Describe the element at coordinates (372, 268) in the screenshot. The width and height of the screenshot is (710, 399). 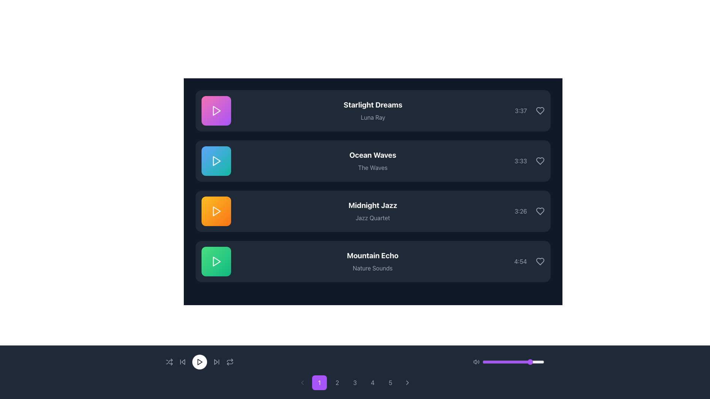
I see `the 'Nature Sounds' text label, which is displayed in a smaller, slightly grayed font and is located directly below the 'Mountain Echo' title within the same card` at that location.